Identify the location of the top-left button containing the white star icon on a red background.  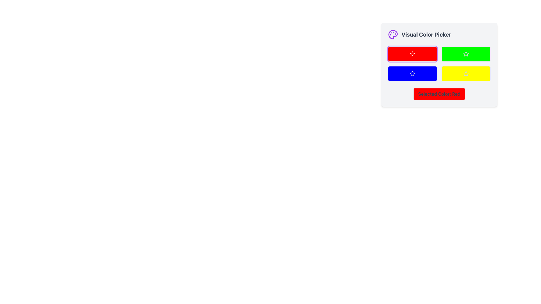
(412, 54).